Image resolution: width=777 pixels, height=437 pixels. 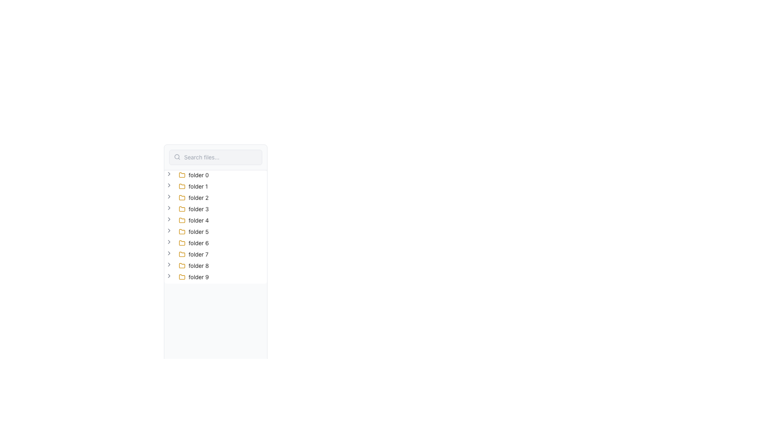 What do you see at coordinates (182, 208) in the screenshot?
I see `the yellow folder icon representing 'folder 3' in the file navigation panel` at bounding box center [182, 208].